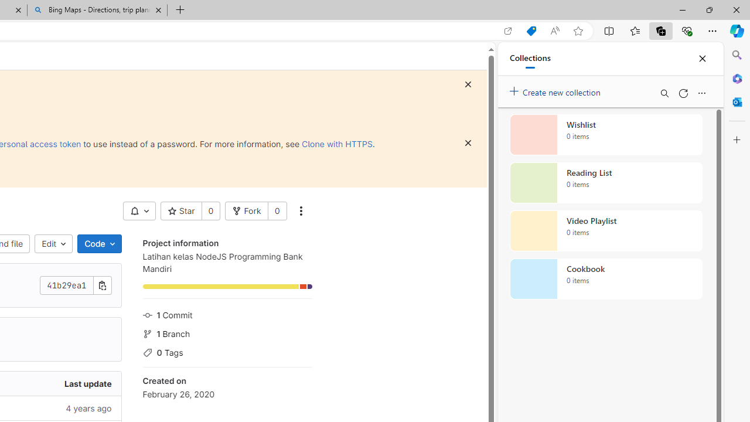 The height and width of the screenshot is (422, 750). Describe the element at coordinates (180, 10) in the screenshot. I see `'New Tab'` at that location.